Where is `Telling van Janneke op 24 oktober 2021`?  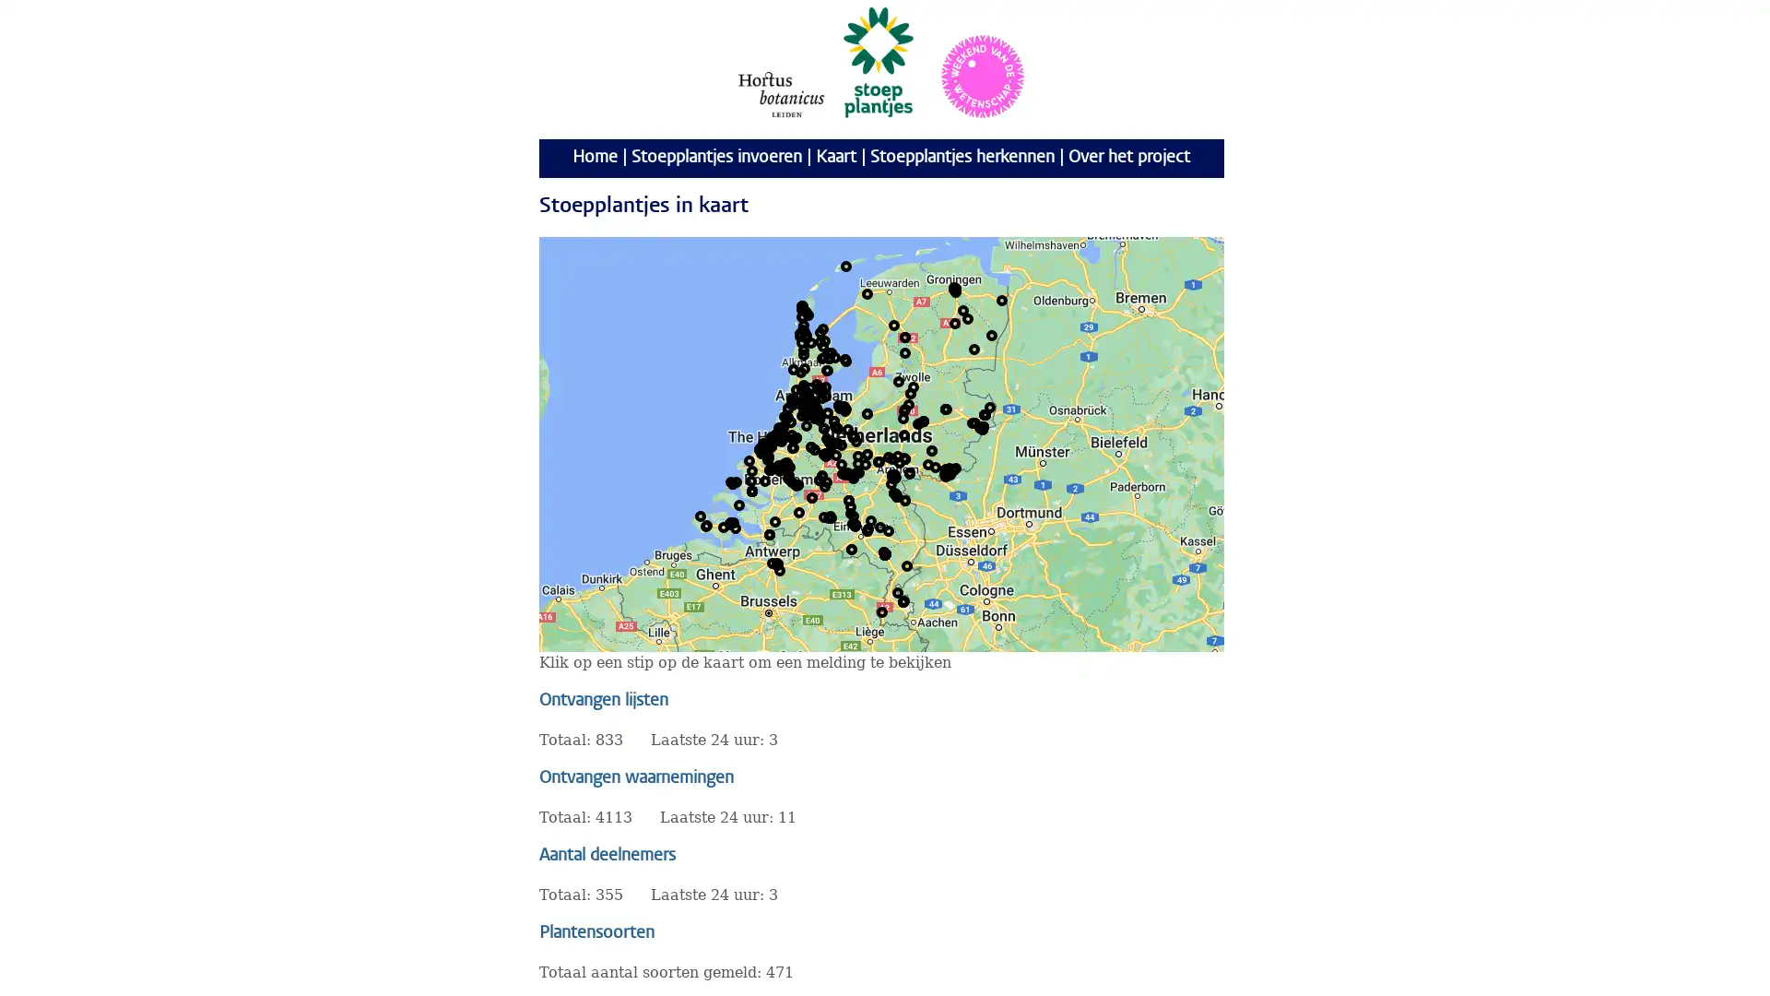 Telling van Janneke op 24 oktober 2021 is located at coordinates (734, 527).